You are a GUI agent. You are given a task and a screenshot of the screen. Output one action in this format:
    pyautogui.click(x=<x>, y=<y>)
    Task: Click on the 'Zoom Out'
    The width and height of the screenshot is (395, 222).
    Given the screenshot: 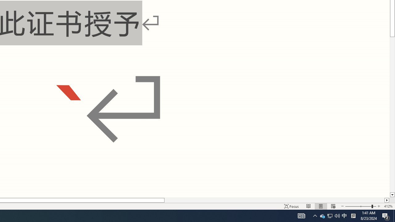 What is the action you would take?
    pyautogui.click(x=358, y=206)
    